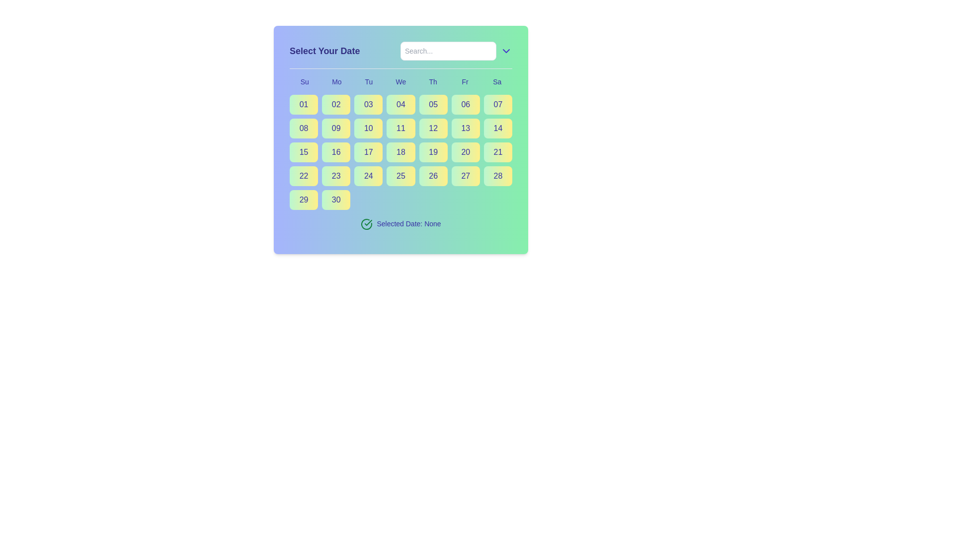  What do you see at coordinates (303, 200) in the screenshot?
I see `the rounded square button labeled '29' with a gradient background` at bounding box center [303, 200].